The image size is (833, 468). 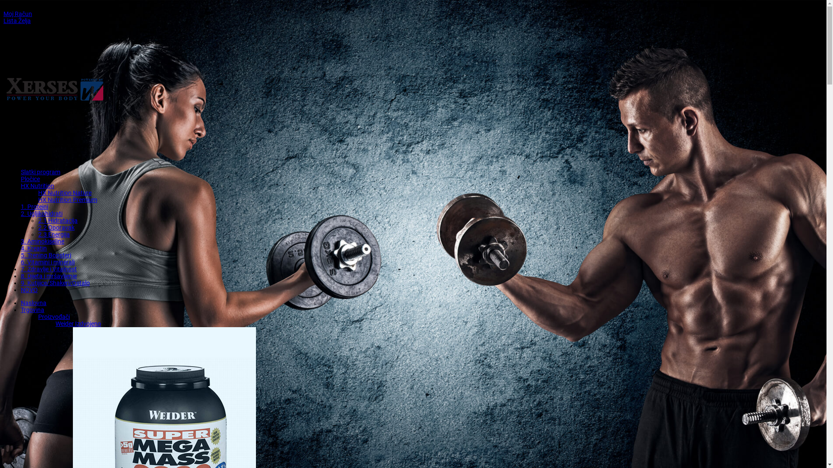 I want to click on 'HX Nutrition Premium', so click(x=67, y=200).